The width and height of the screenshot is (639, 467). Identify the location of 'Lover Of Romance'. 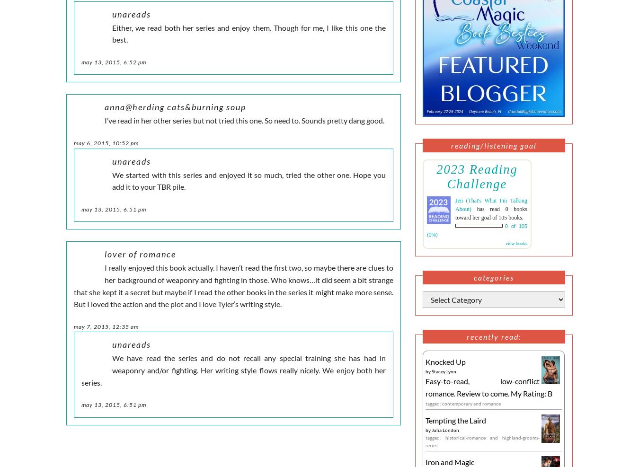
(140, 254).